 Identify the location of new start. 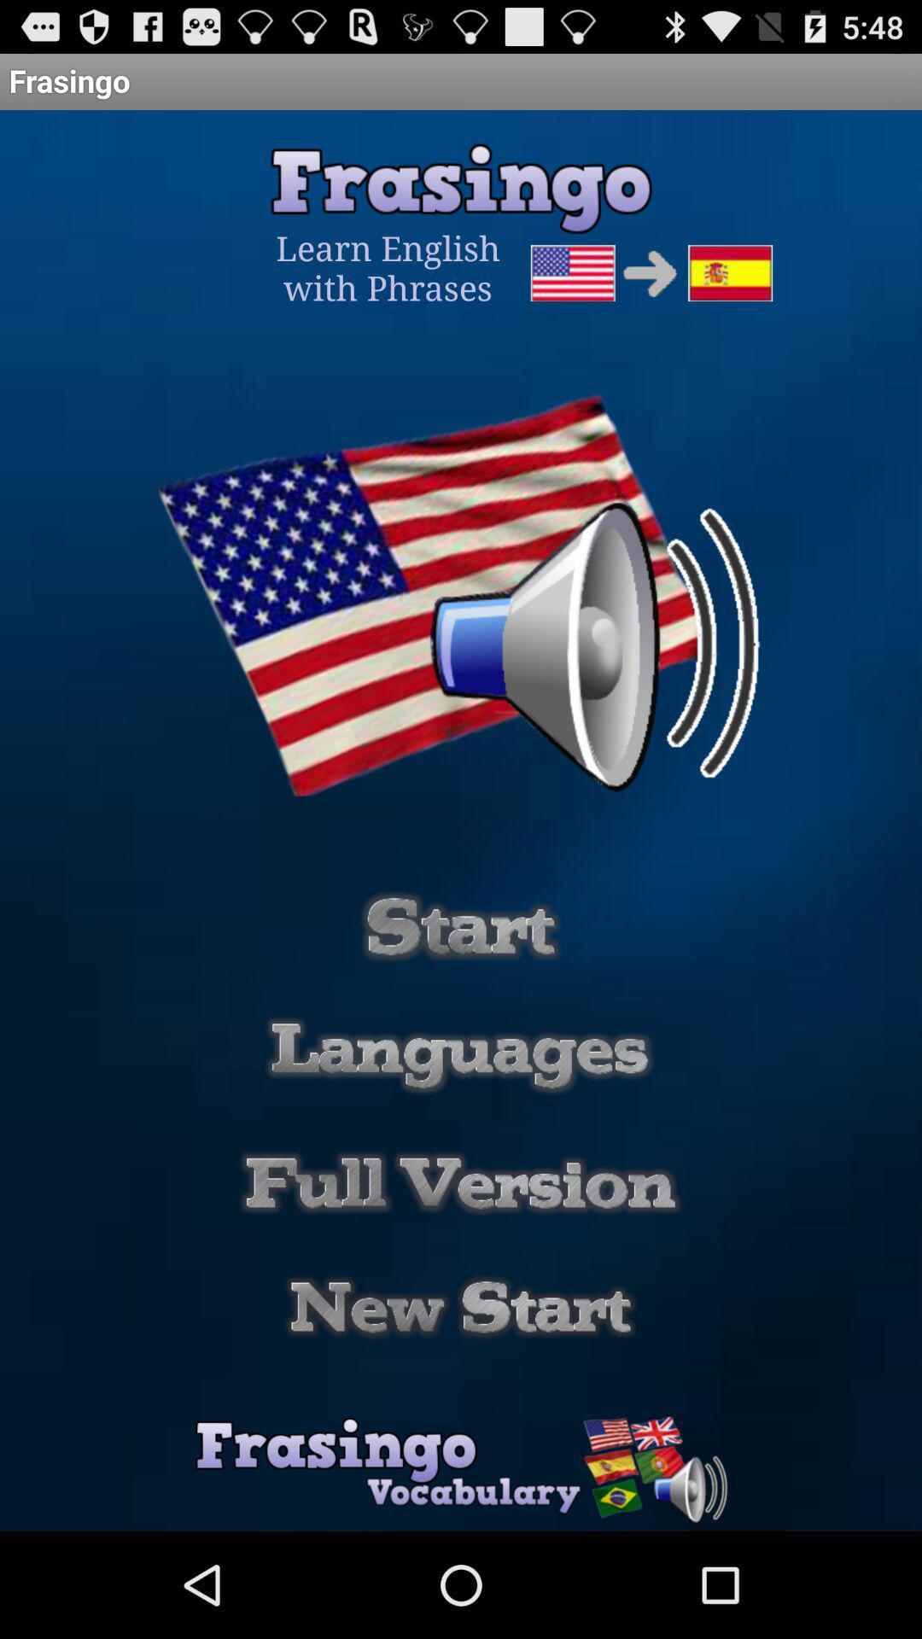
(461, 1306).